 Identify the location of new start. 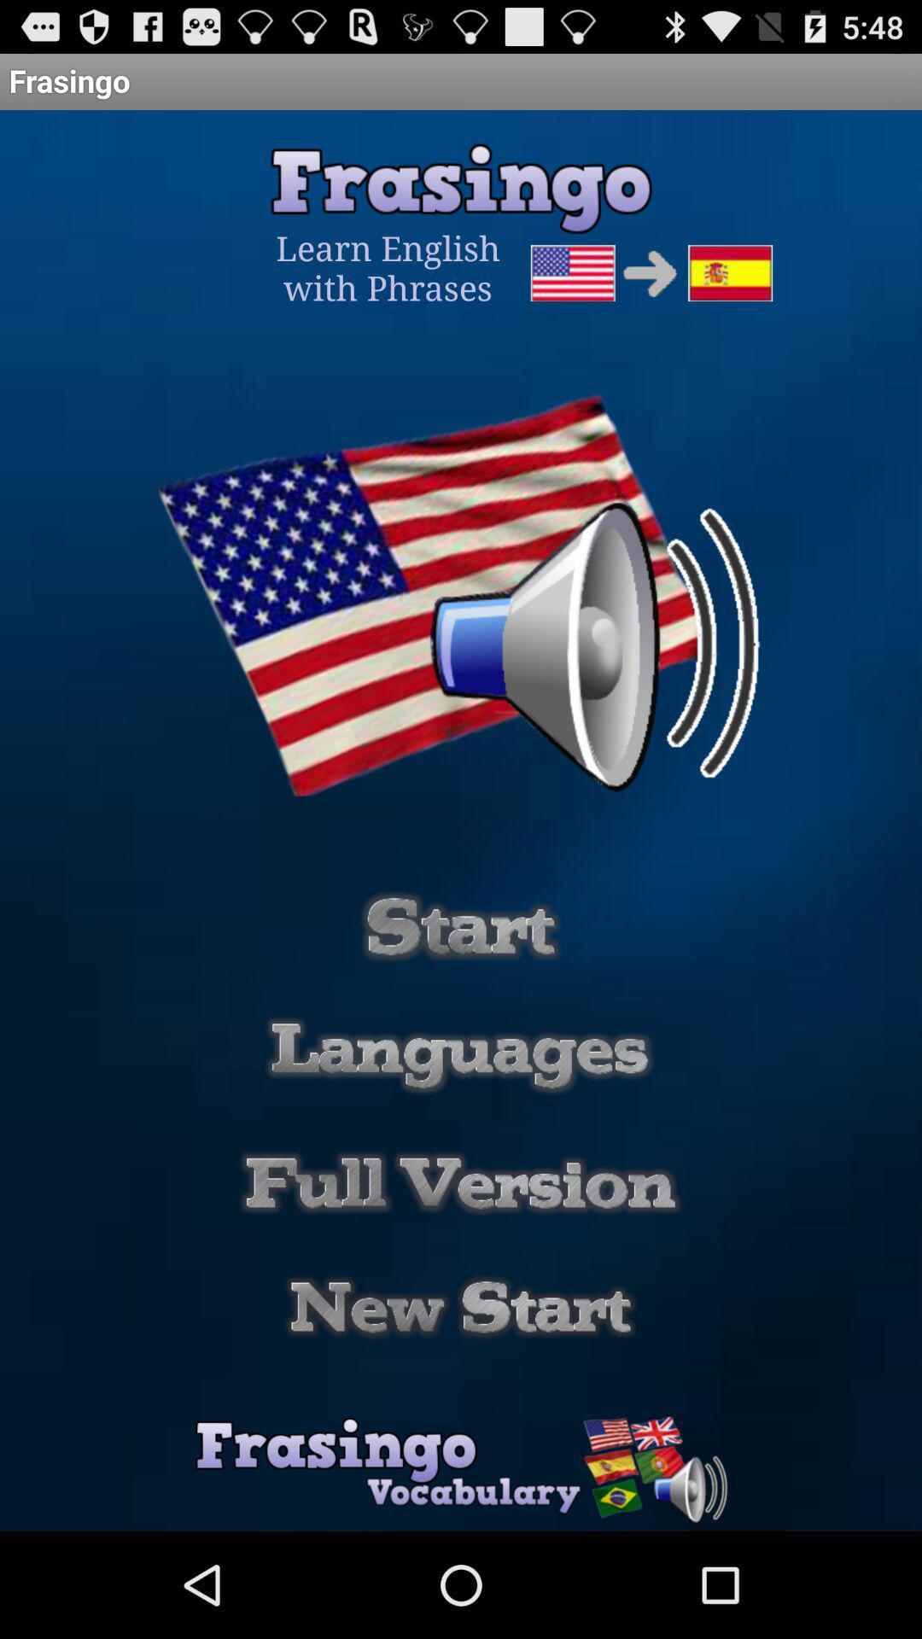
(461, 1306).